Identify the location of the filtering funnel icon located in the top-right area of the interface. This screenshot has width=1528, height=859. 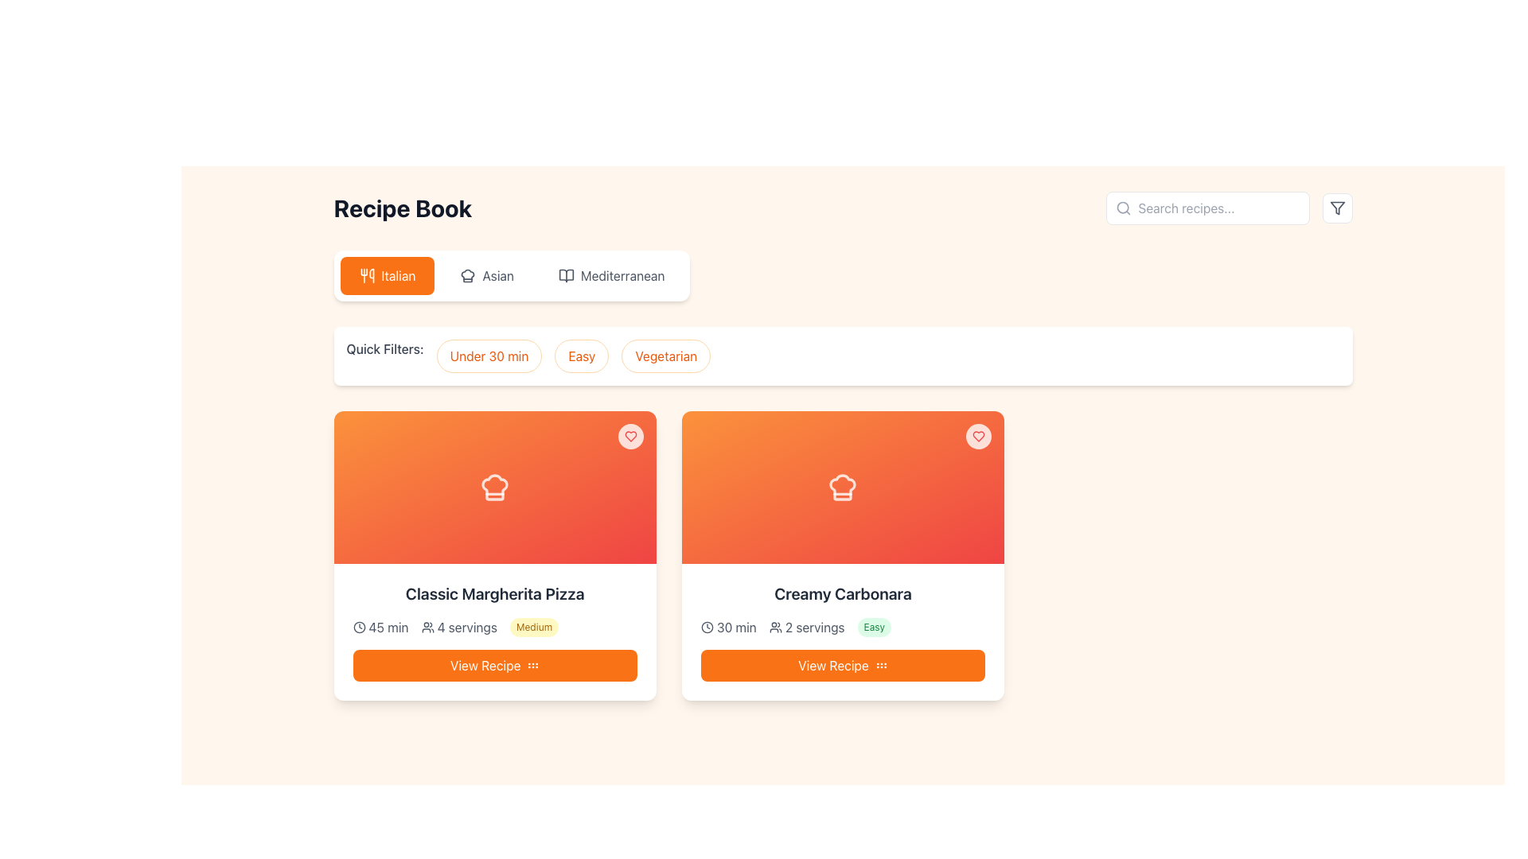
(1337, 208).